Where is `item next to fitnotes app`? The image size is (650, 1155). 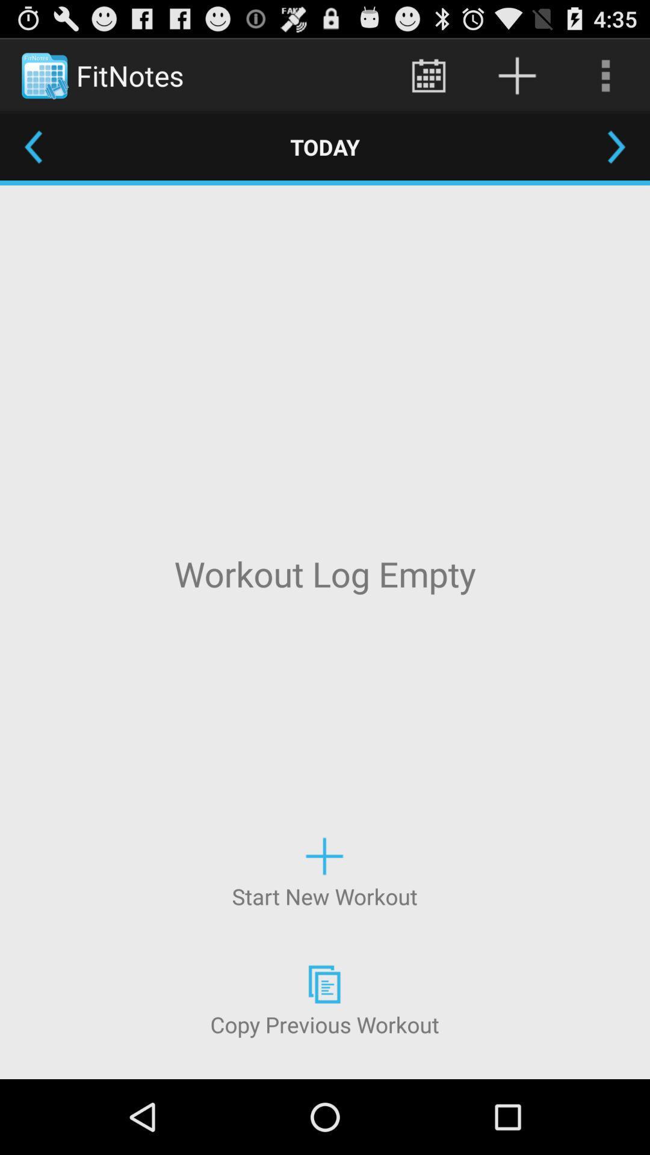
item next to fitnotes app is located at coordinates (428, 75).